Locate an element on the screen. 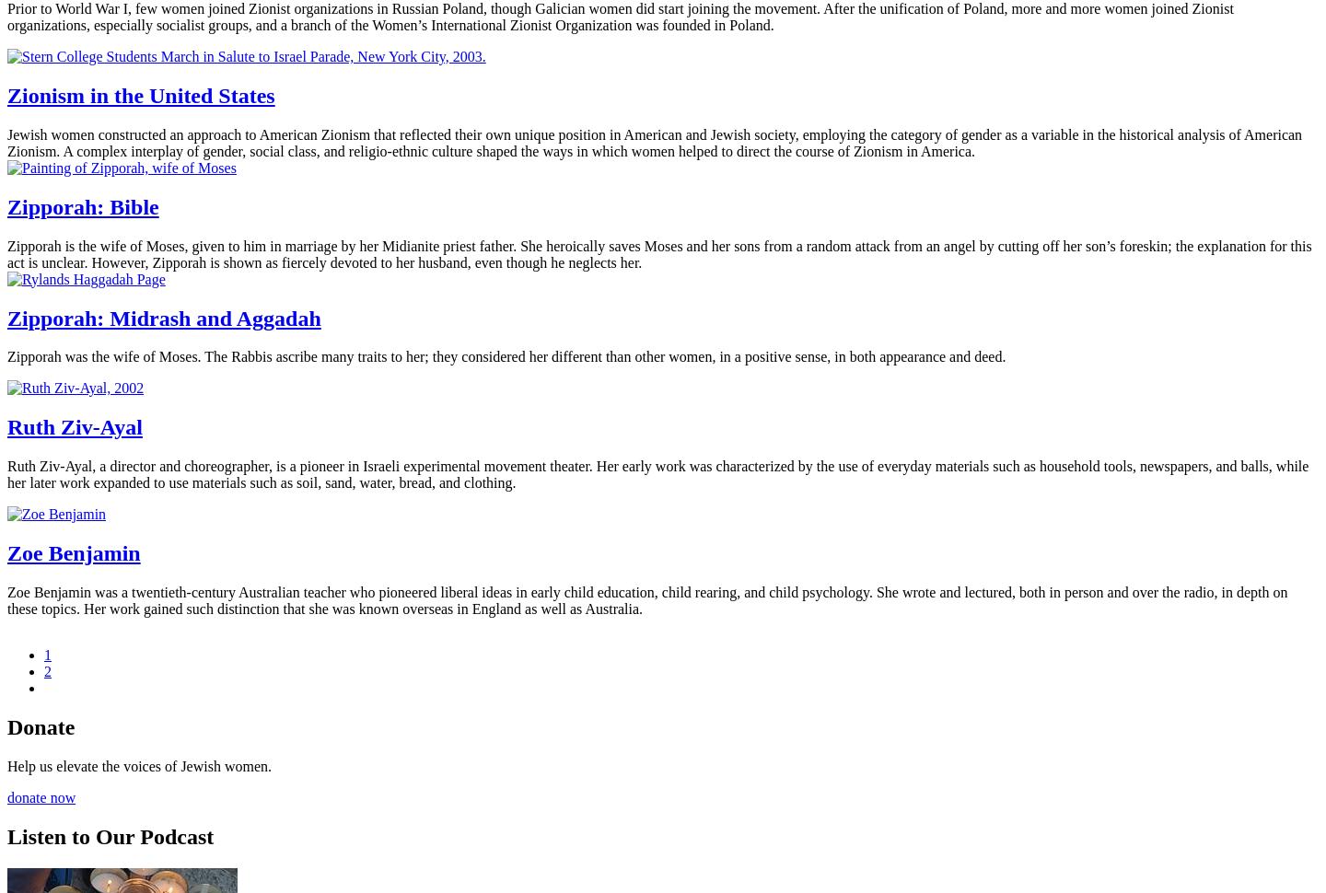 Image resolution: width=1326 pixels, height=893 pixels. '2' is located at coordinates (46, 670).